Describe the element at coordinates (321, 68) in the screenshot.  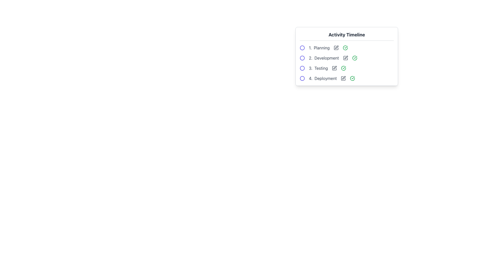
I see `labeling text for the third activity step, located below the second step and above the fourth in the list of activities` at that location.